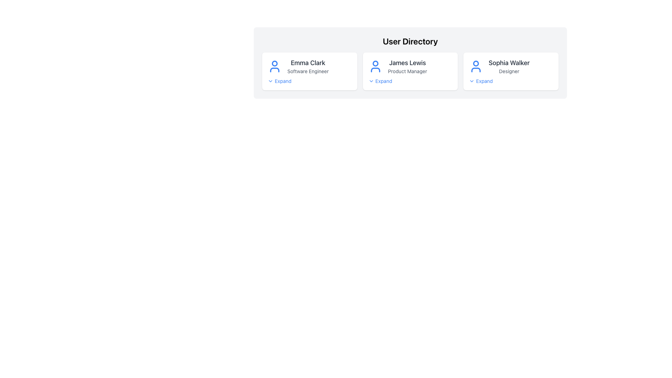 The image size is (672, 378). Describe the element at coordinates (410, 66) in the screenshot. I see `the Information Display Card that displays the name and role of an individual, positioned in the middle of the User Directory, between Emma Clark and Sophia Walker` at that location.